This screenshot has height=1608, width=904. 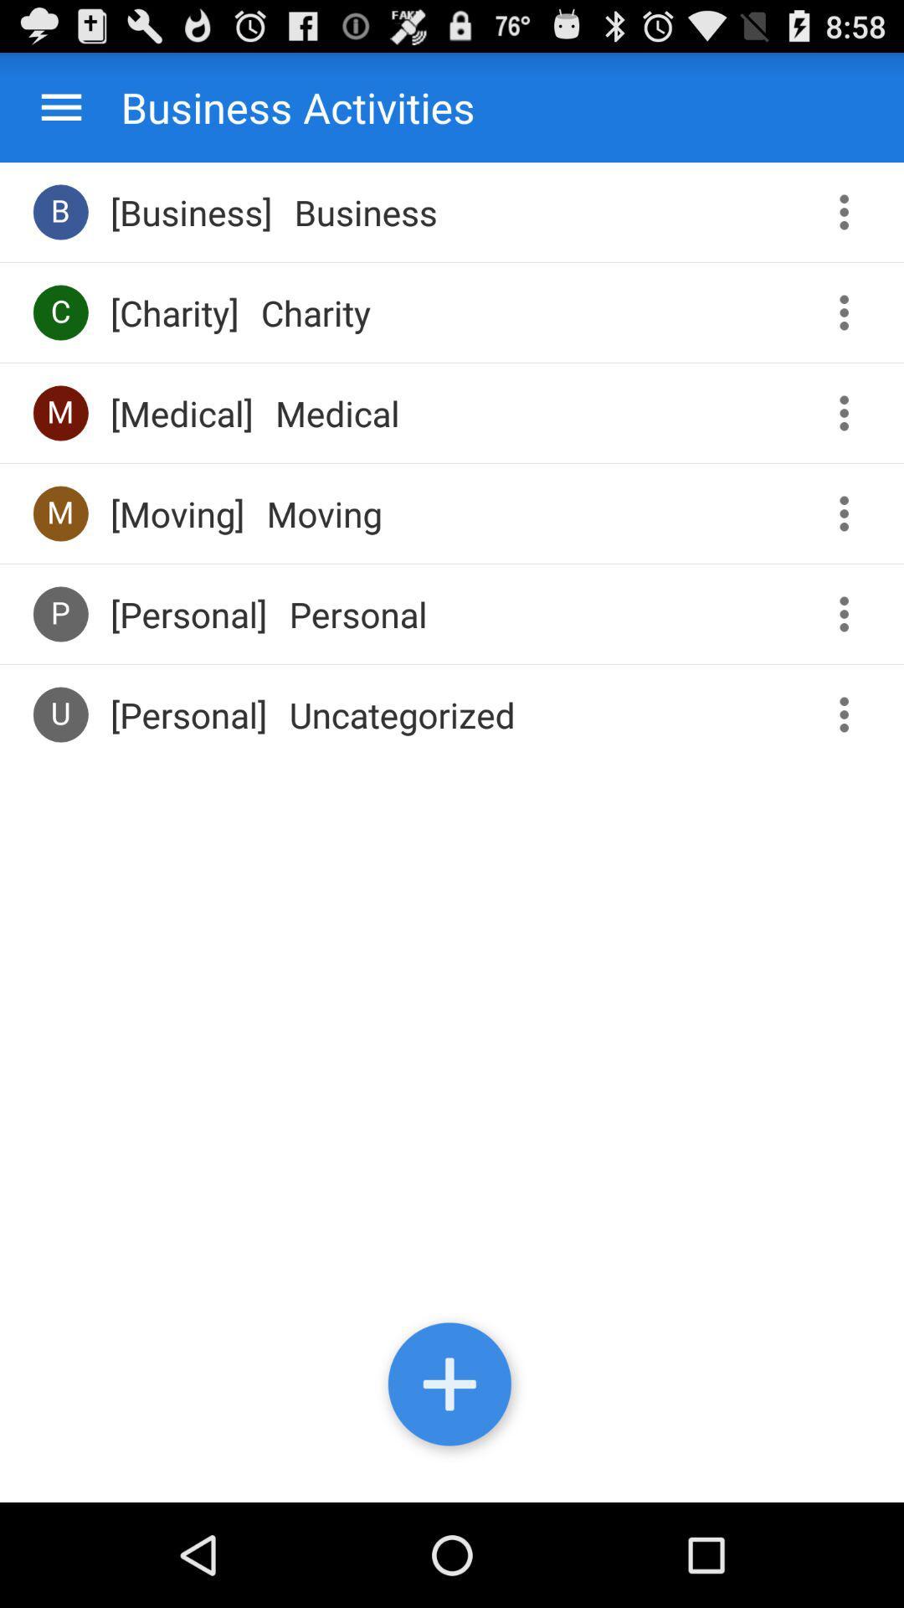 What do you see at coordinates (452, 1388) in the screenshot?
I see `plus icon` at bounding box center [452, 1388].